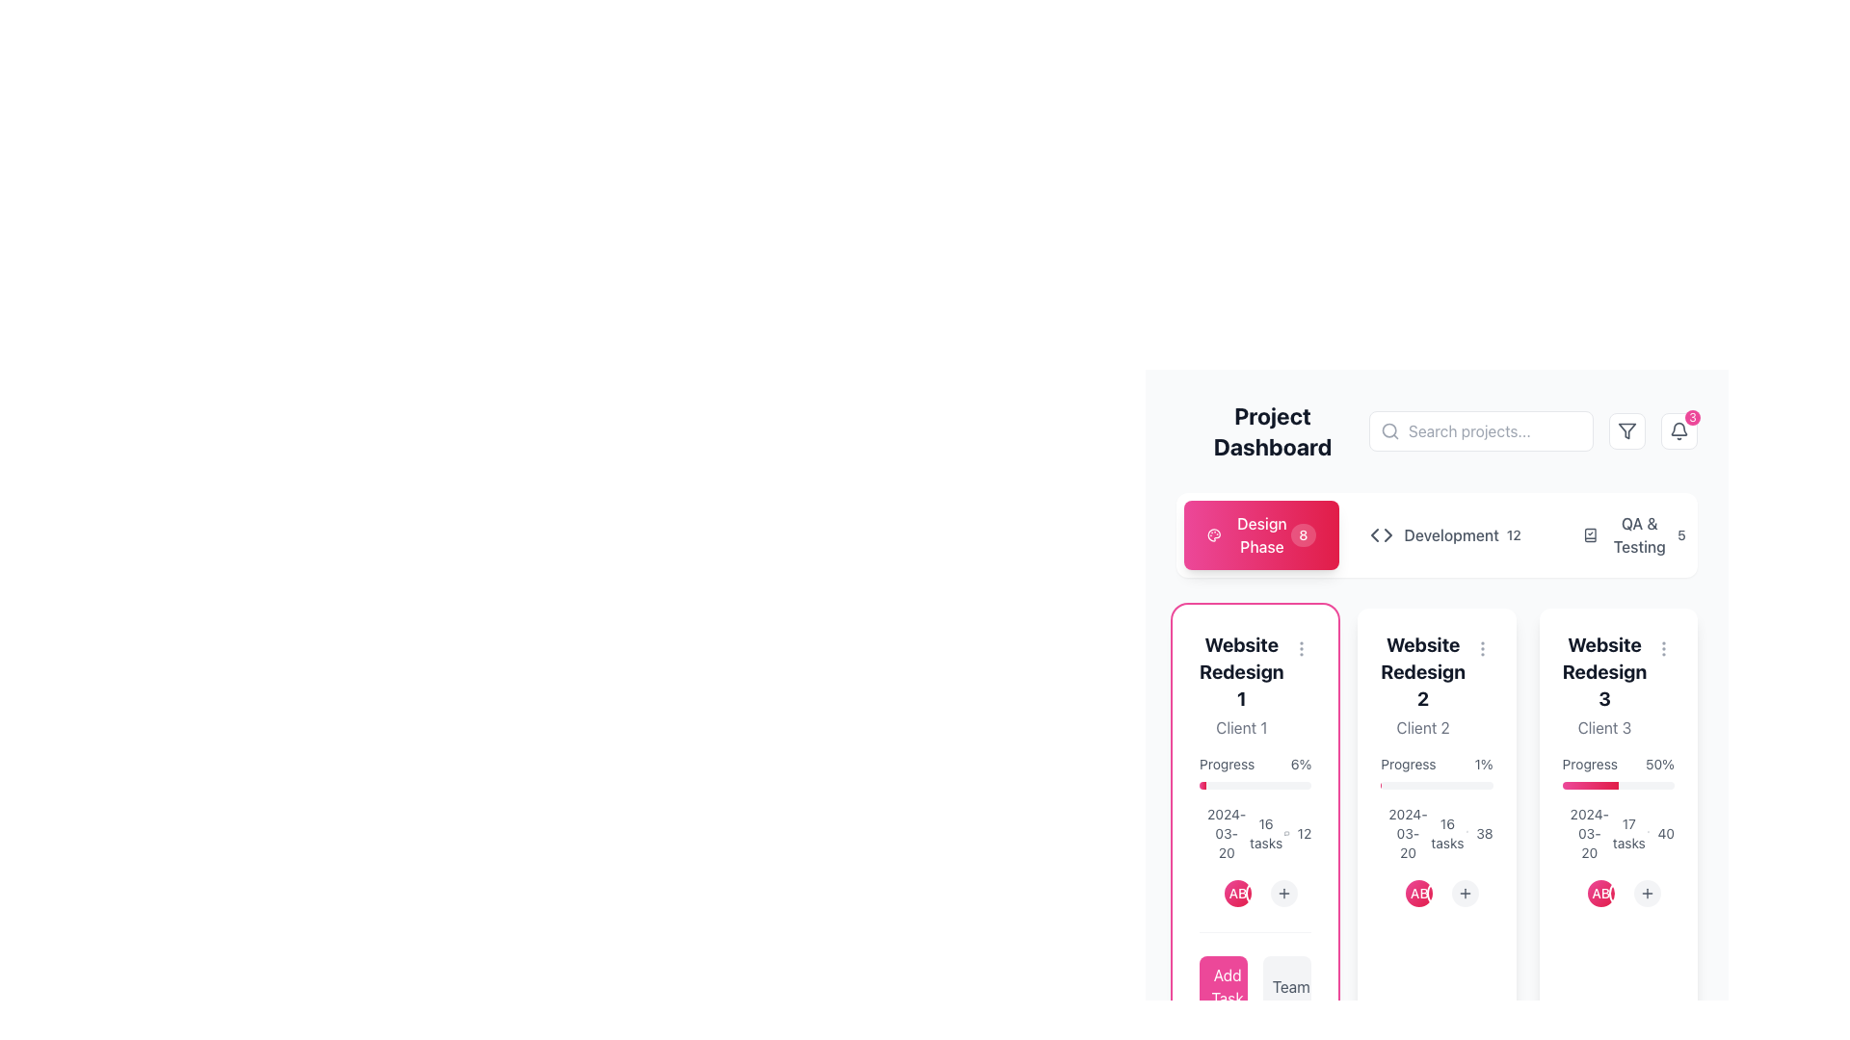 The image size is (1850, 1040). I want to click on the second circular badge featuring 'AB' in white on a pink to rose gradient background, which is centrally aligned in the top row of badges, so click(1600, 894).